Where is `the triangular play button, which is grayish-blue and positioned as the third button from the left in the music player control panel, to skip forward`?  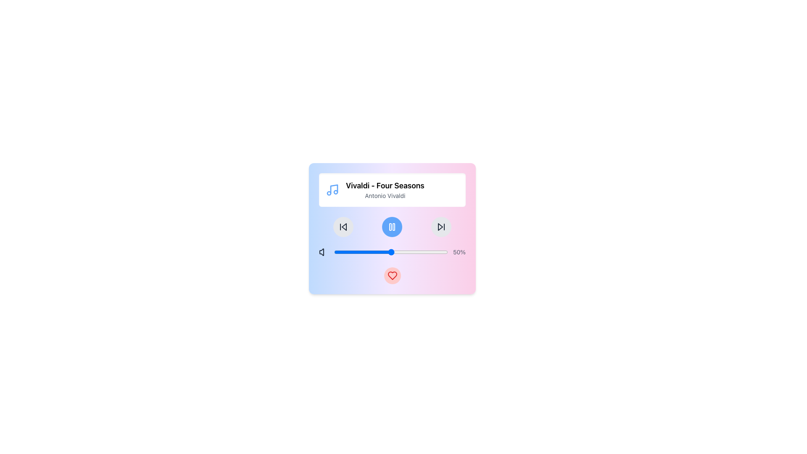 the triangular play button, which is grayish-blue and positioned as the third button from the left in the music player control panel, to skip forward is located at coordinates (440, 227).